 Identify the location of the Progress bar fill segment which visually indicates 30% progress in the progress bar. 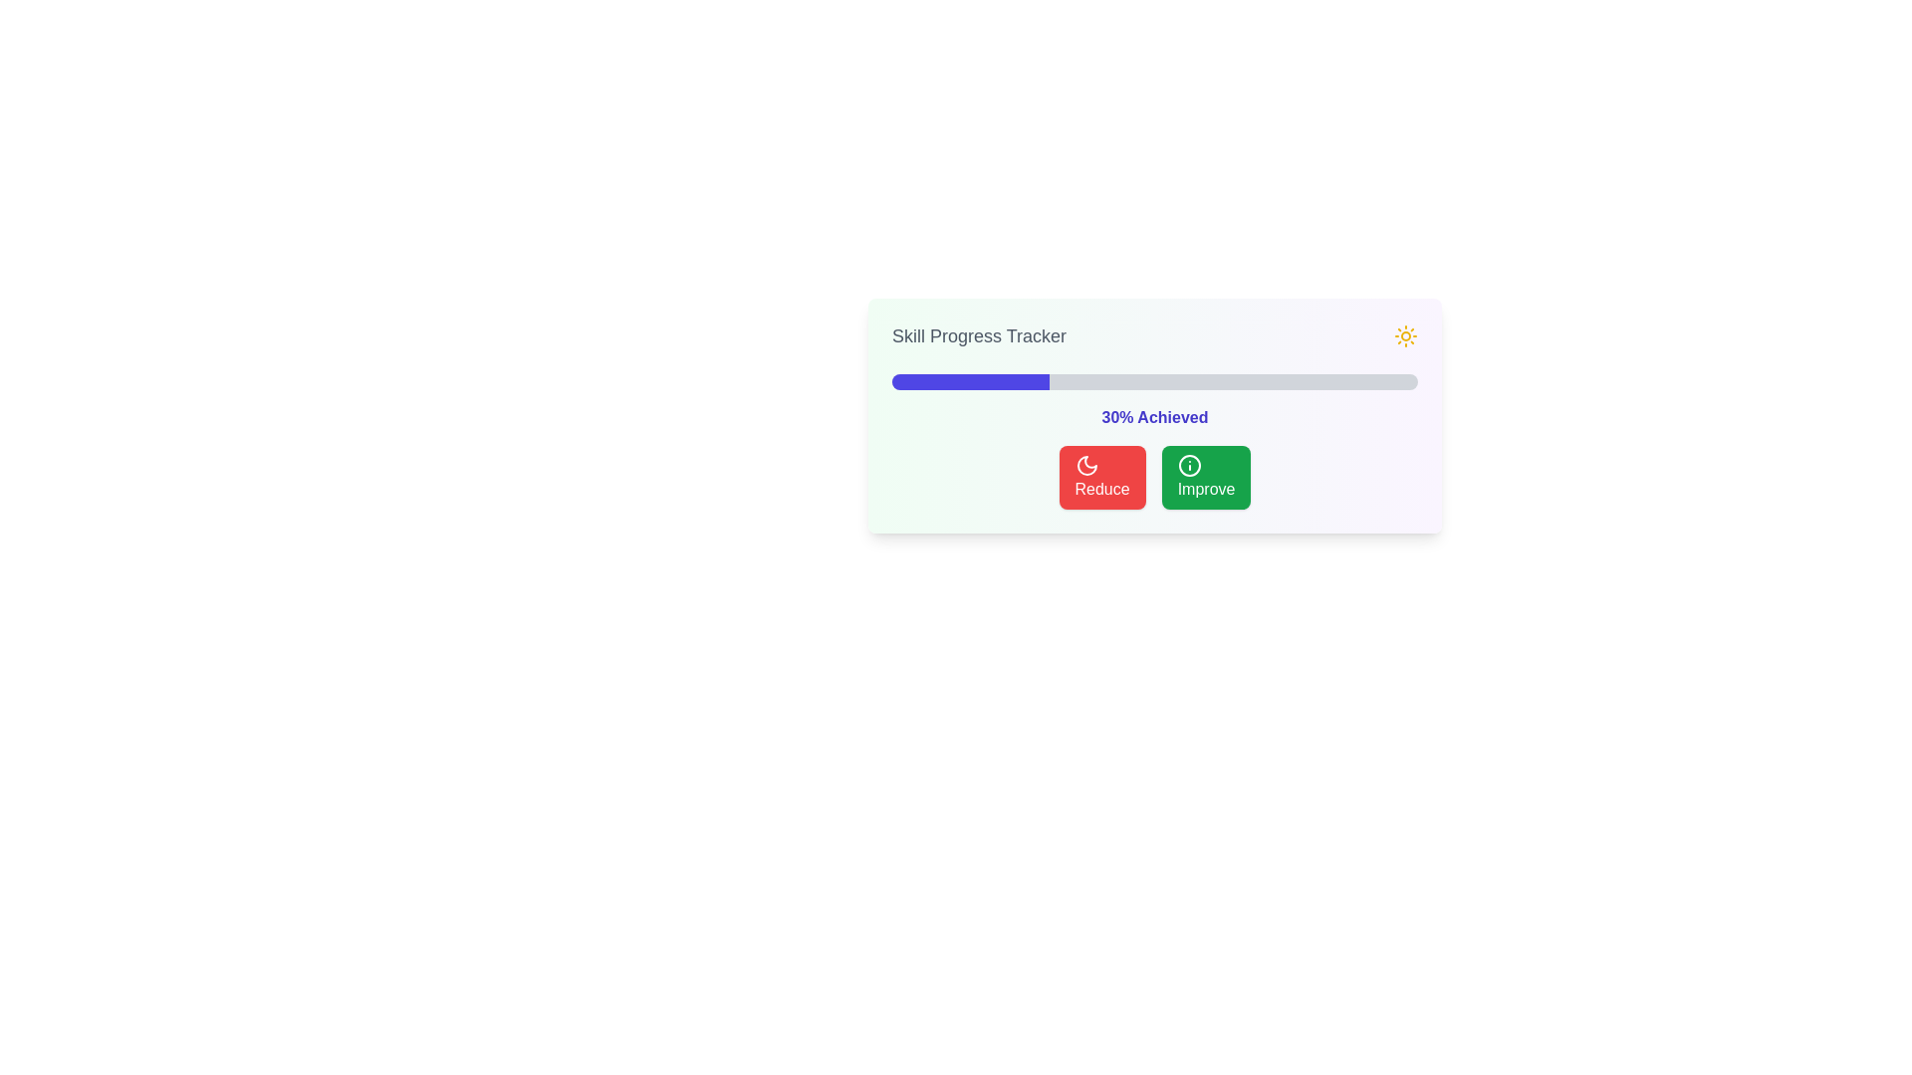
(971, 382).